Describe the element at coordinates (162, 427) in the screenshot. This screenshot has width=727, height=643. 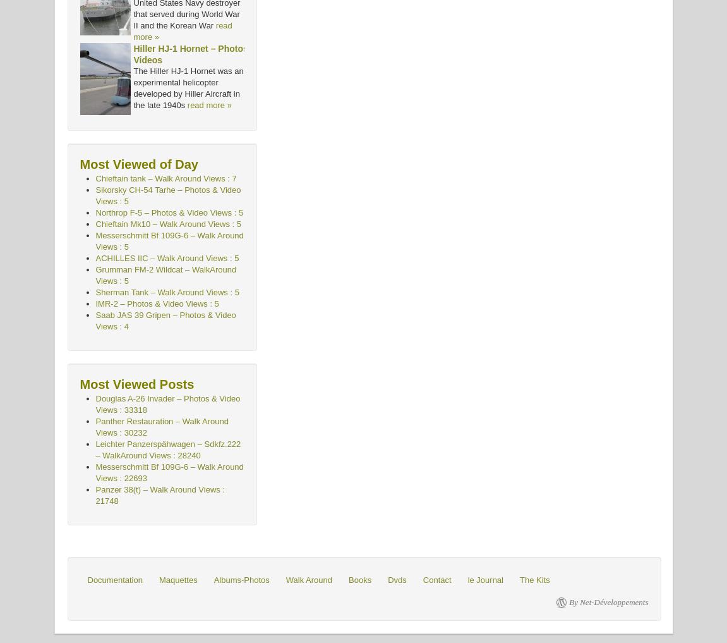
I see `'Panther Restauration – Walk Around Views : 30232'` at that location.